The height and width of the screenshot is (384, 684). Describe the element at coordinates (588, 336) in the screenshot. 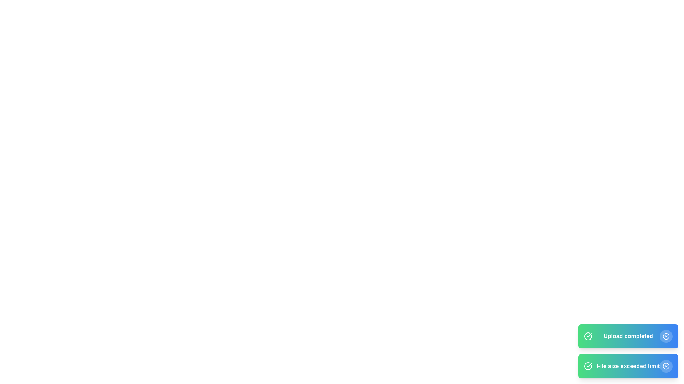

I see `the notification icon to inspect it` at that location.